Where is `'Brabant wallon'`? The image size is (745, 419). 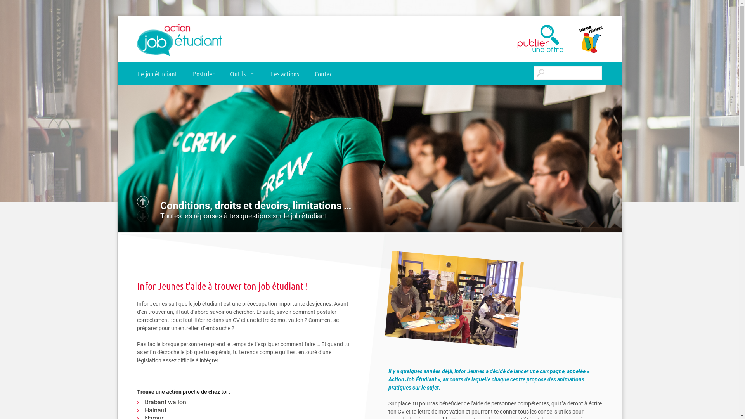
'Brabant wallon' is located at coordinates (163, 402).